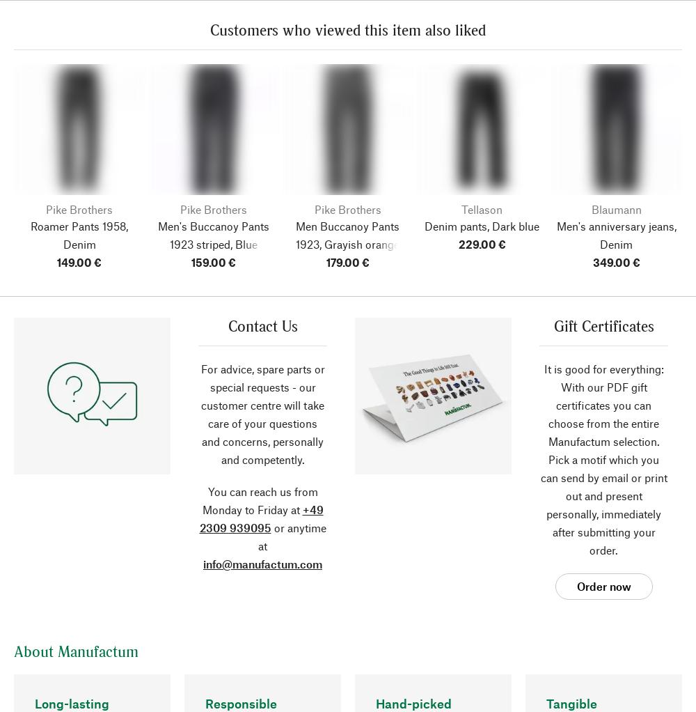  Describe the element at coordinates (571, 704) in the screenshot. I see `'Tangible'` at that location.